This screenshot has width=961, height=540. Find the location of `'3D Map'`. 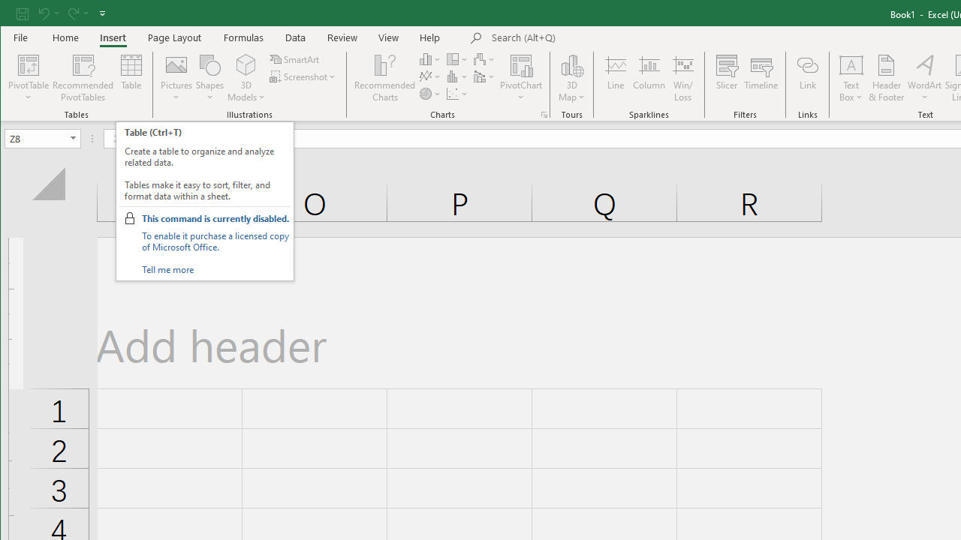

'3D Map' is located at coordinates (571, 64).